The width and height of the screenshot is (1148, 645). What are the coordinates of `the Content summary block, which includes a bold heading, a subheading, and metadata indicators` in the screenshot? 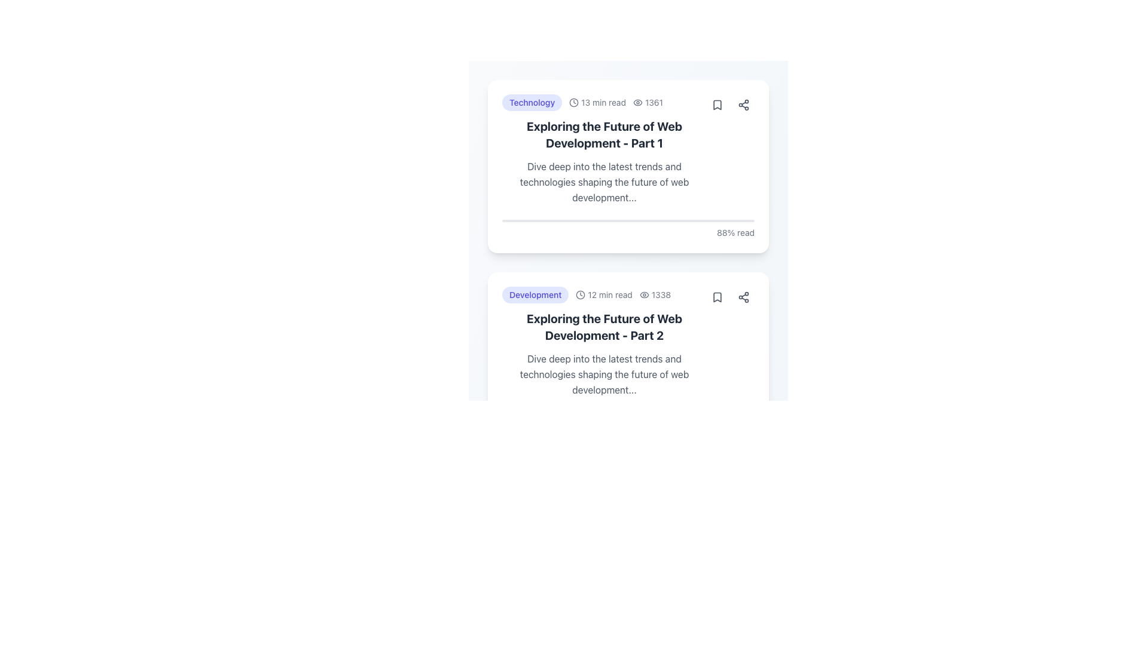 It's located at (604, 149).